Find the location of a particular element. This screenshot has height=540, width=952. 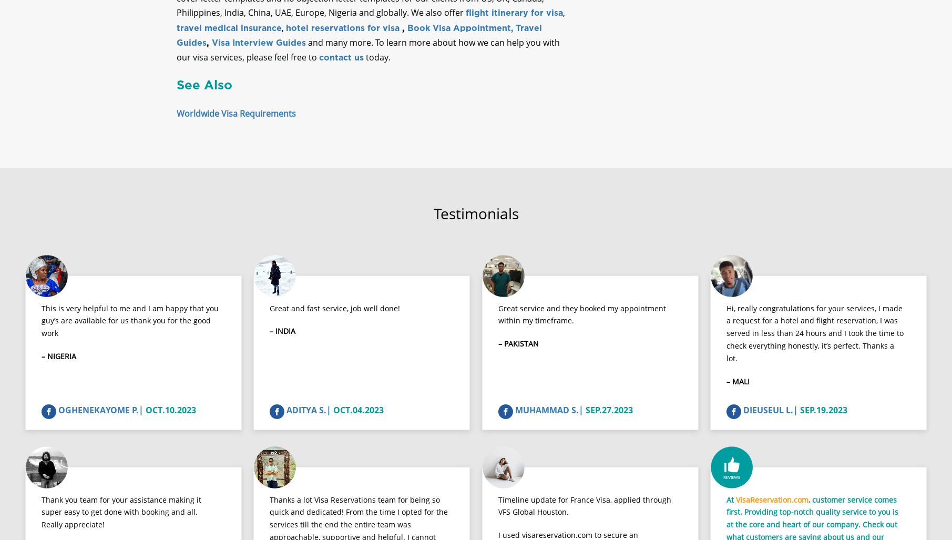

'MUHAMMAD S.|' is located at coordinates (514, 418).